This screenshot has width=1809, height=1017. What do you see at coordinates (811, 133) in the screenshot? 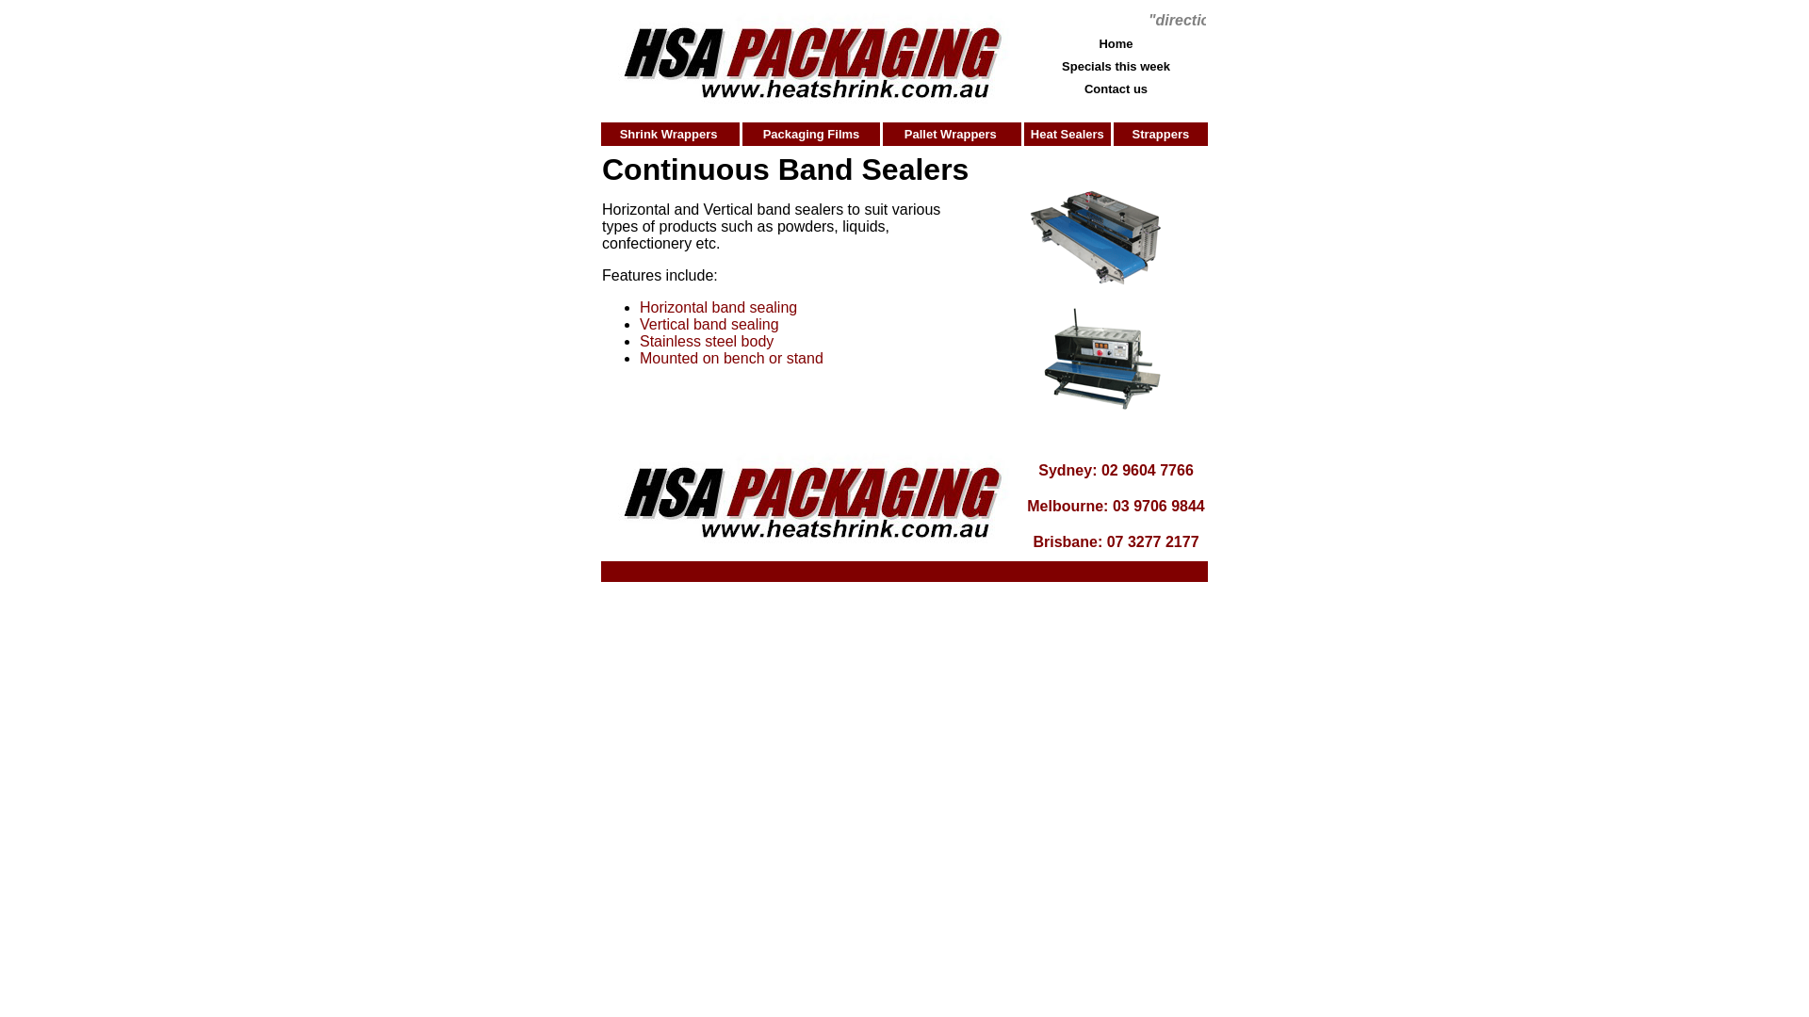
I see `'Packaging Films'` at bounding box center [811, 133].